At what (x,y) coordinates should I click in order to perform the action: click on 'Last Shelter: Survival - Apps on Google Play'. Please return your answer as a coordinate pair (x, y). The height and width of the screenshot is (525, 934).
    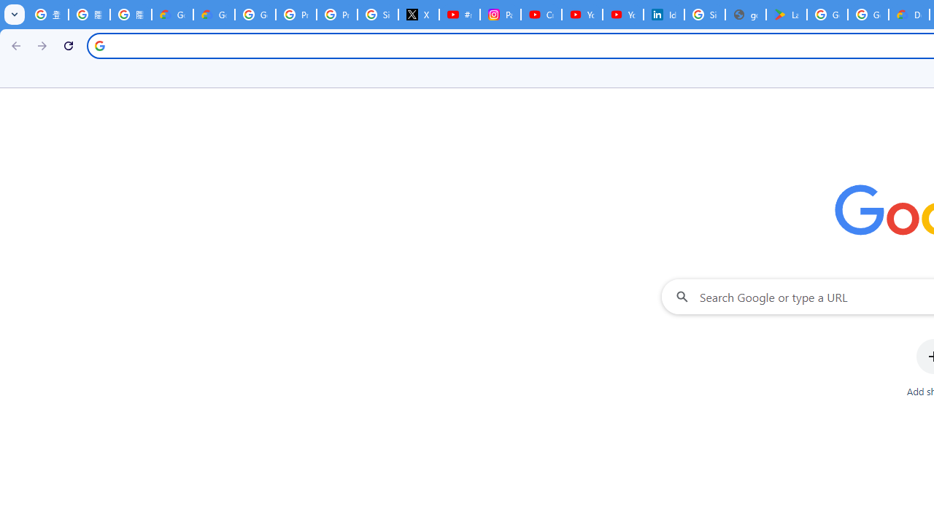
    Looking at the image, I should click on (785, 15).